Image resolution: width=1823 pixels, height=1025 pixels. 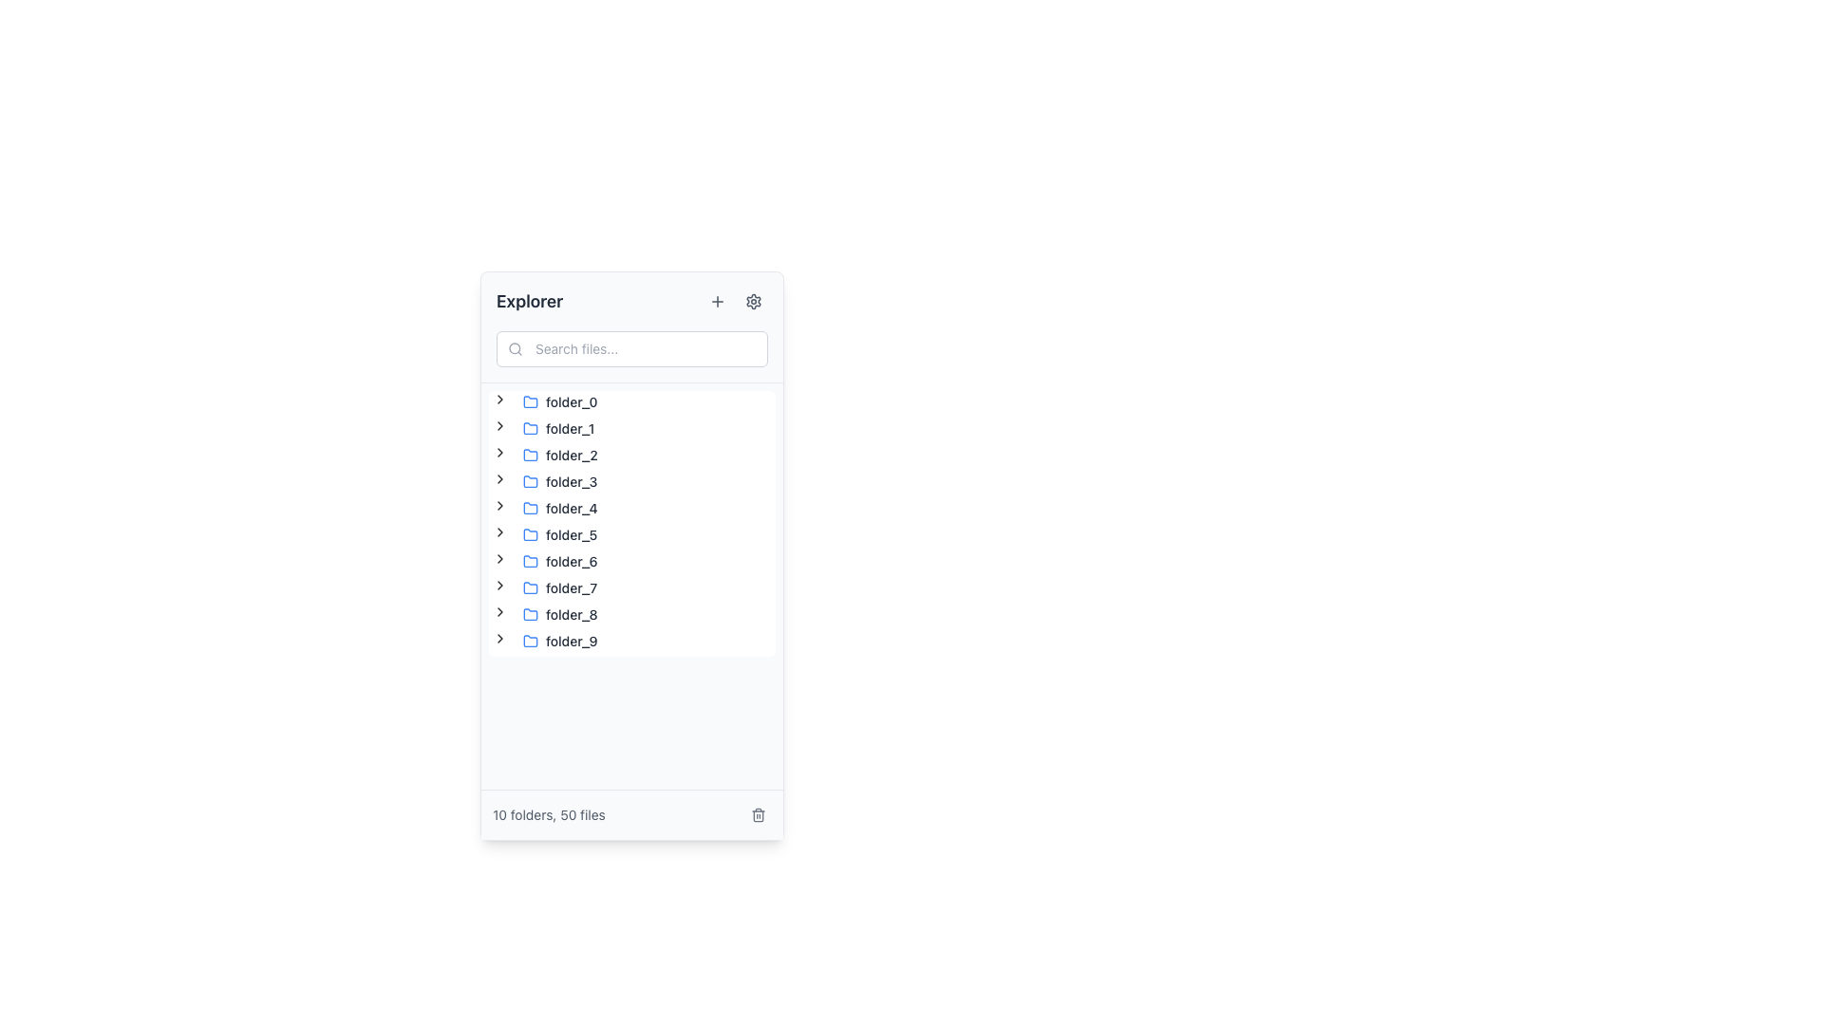 I want to click on the folder icon located to the left of the text 'folder_6' in the central part of the interface, so click(x=530, y=560).